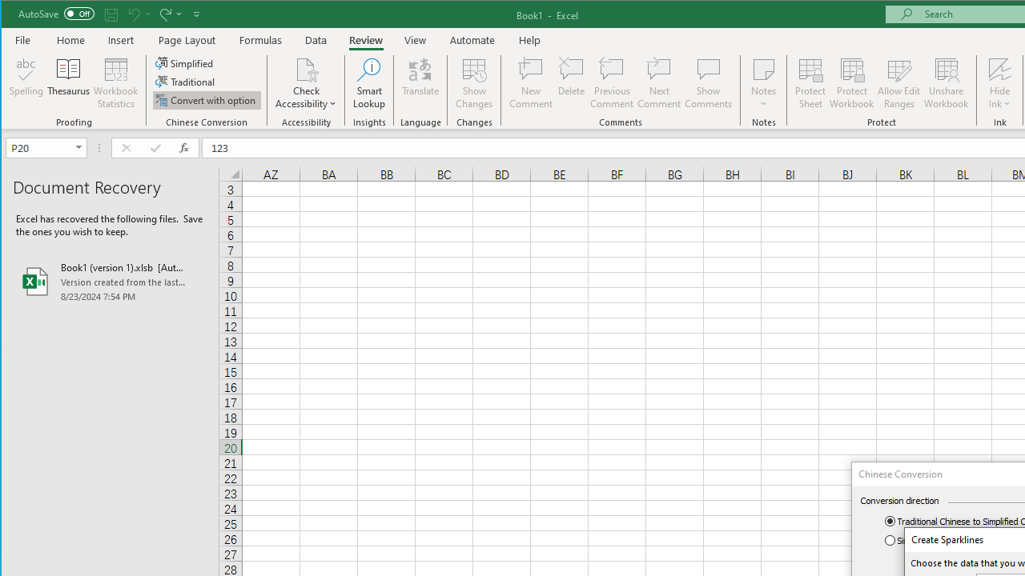 The image size is (1025, 576). I want to click on 'Check Accessibility', so click(306, 83).